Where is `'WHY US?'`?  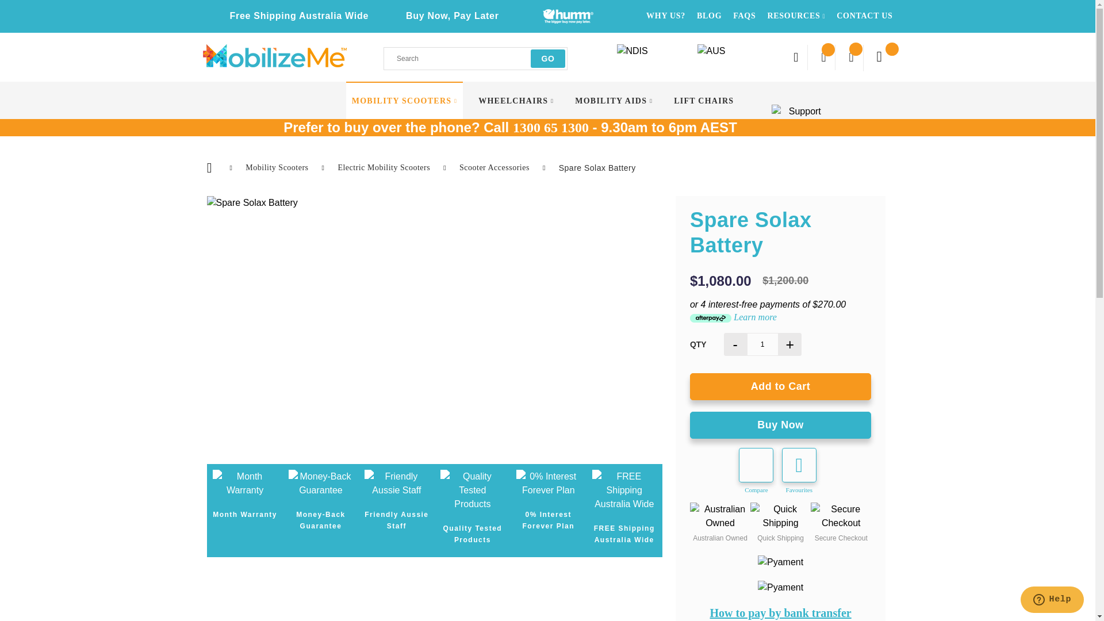
'WHY US?' is located at coordinates (665, 16).